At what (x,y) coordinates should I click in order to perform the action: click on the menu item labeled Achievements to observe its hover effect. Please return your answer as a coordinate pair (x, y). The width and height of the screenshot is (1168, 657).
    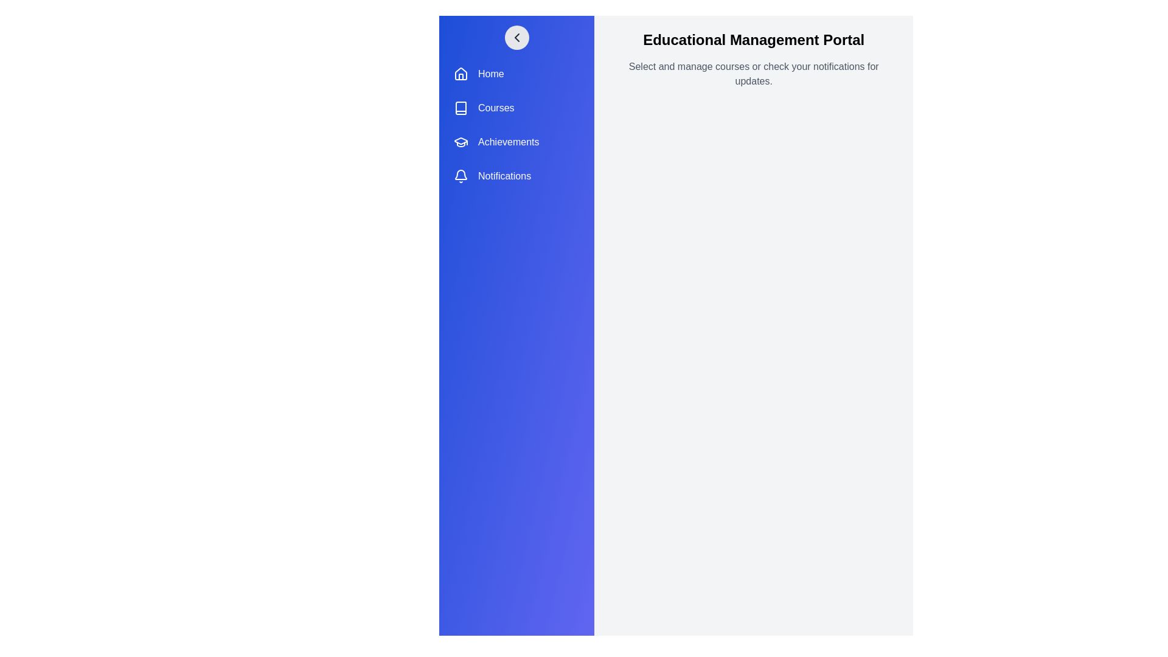
    Looking at the image, I should click on (516, 142).